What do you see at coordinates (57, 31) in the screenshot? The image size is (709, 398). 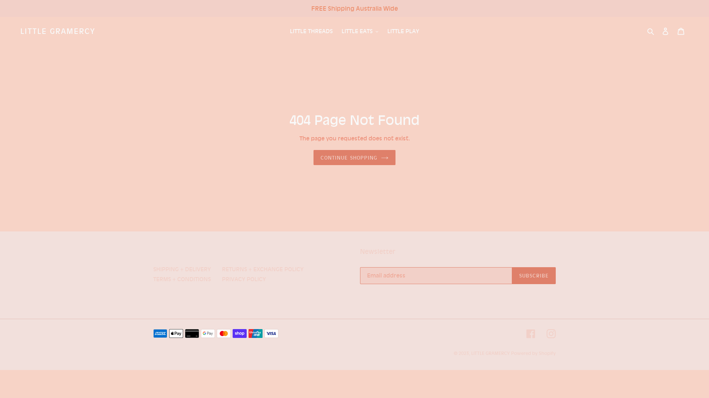 I see `'LITTLE GRAMERCY'` at bounding box center [57, 31].